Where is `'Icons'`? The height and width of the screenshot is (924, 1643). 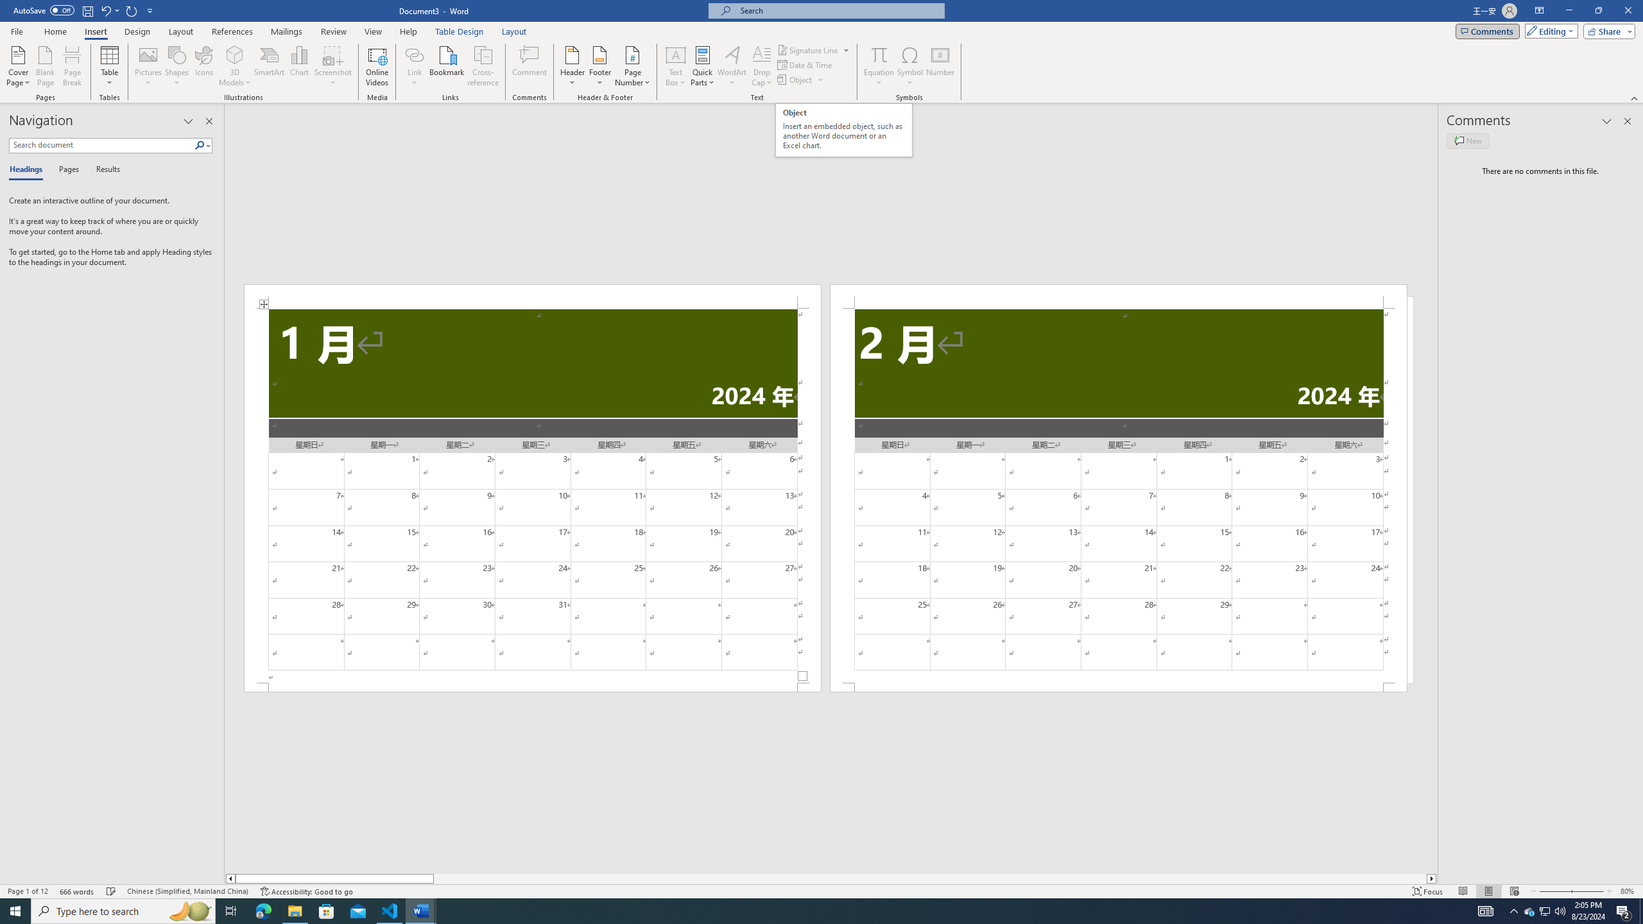
'Icons' is located at coordinates (203, 66).